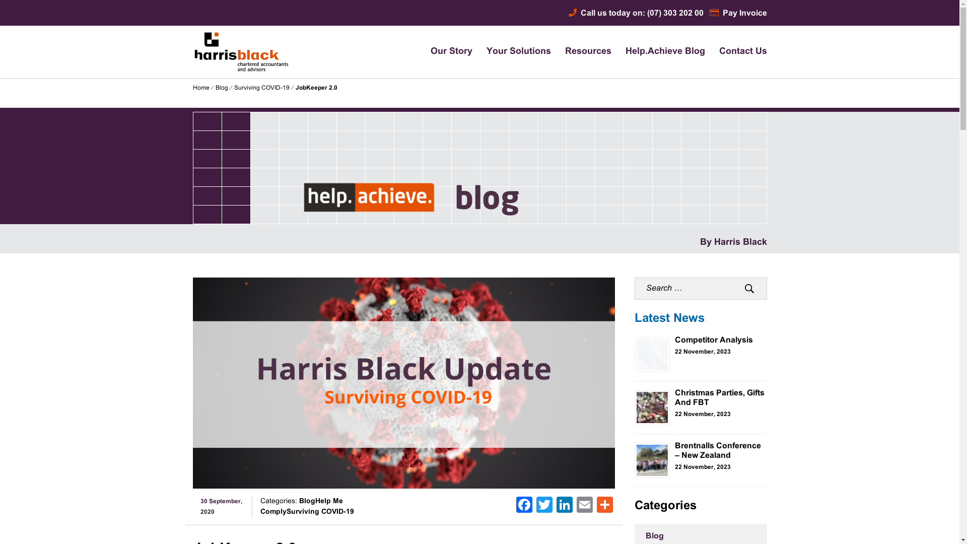 This screenshot has height=544, width=967. What do you see at coordinates (713, 340) in the screenshot?
I see `'Competitor Analysis'` at bounding box center [713, 340].